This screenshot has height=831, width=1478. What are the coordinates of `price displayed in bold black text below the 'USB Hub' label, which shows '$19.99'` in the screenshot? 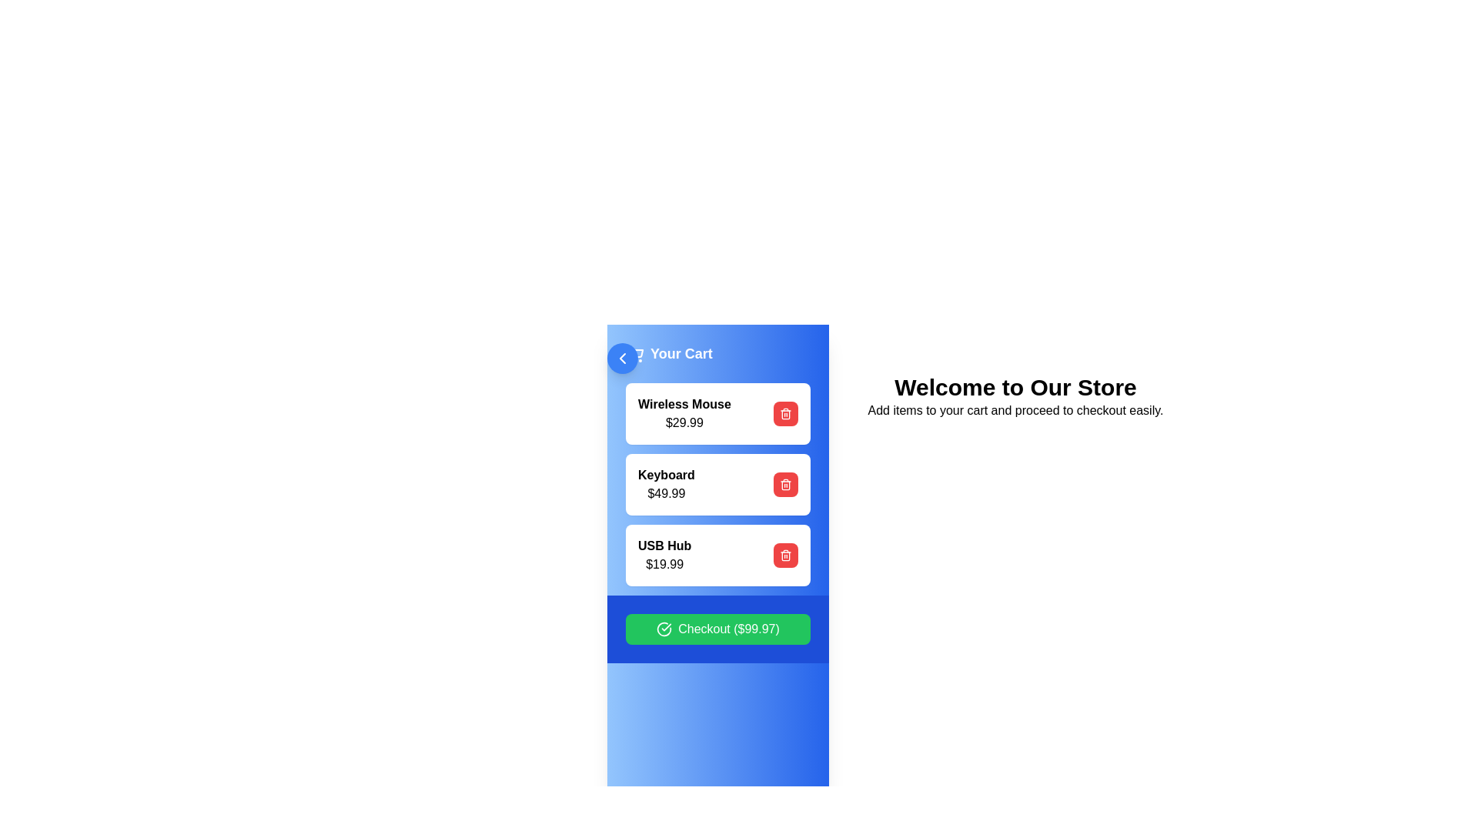 It's located at (664, 564).